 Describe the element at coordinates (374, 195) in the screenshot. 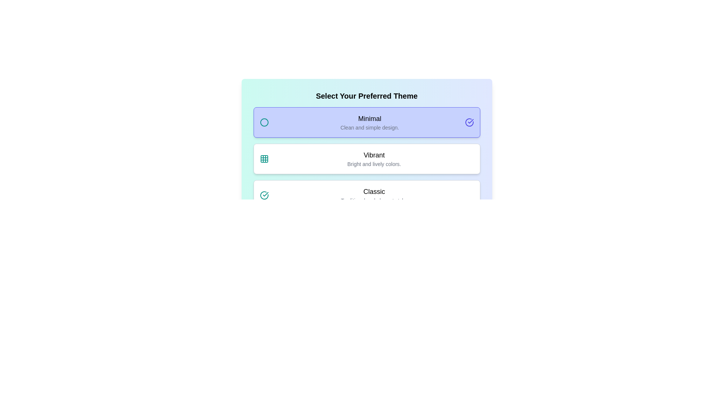

I see `text from the third card in the selectable card interface, which contains the bold primary text 'Classic' and the supporting text 'Traditional and elegant style.'` at that location.